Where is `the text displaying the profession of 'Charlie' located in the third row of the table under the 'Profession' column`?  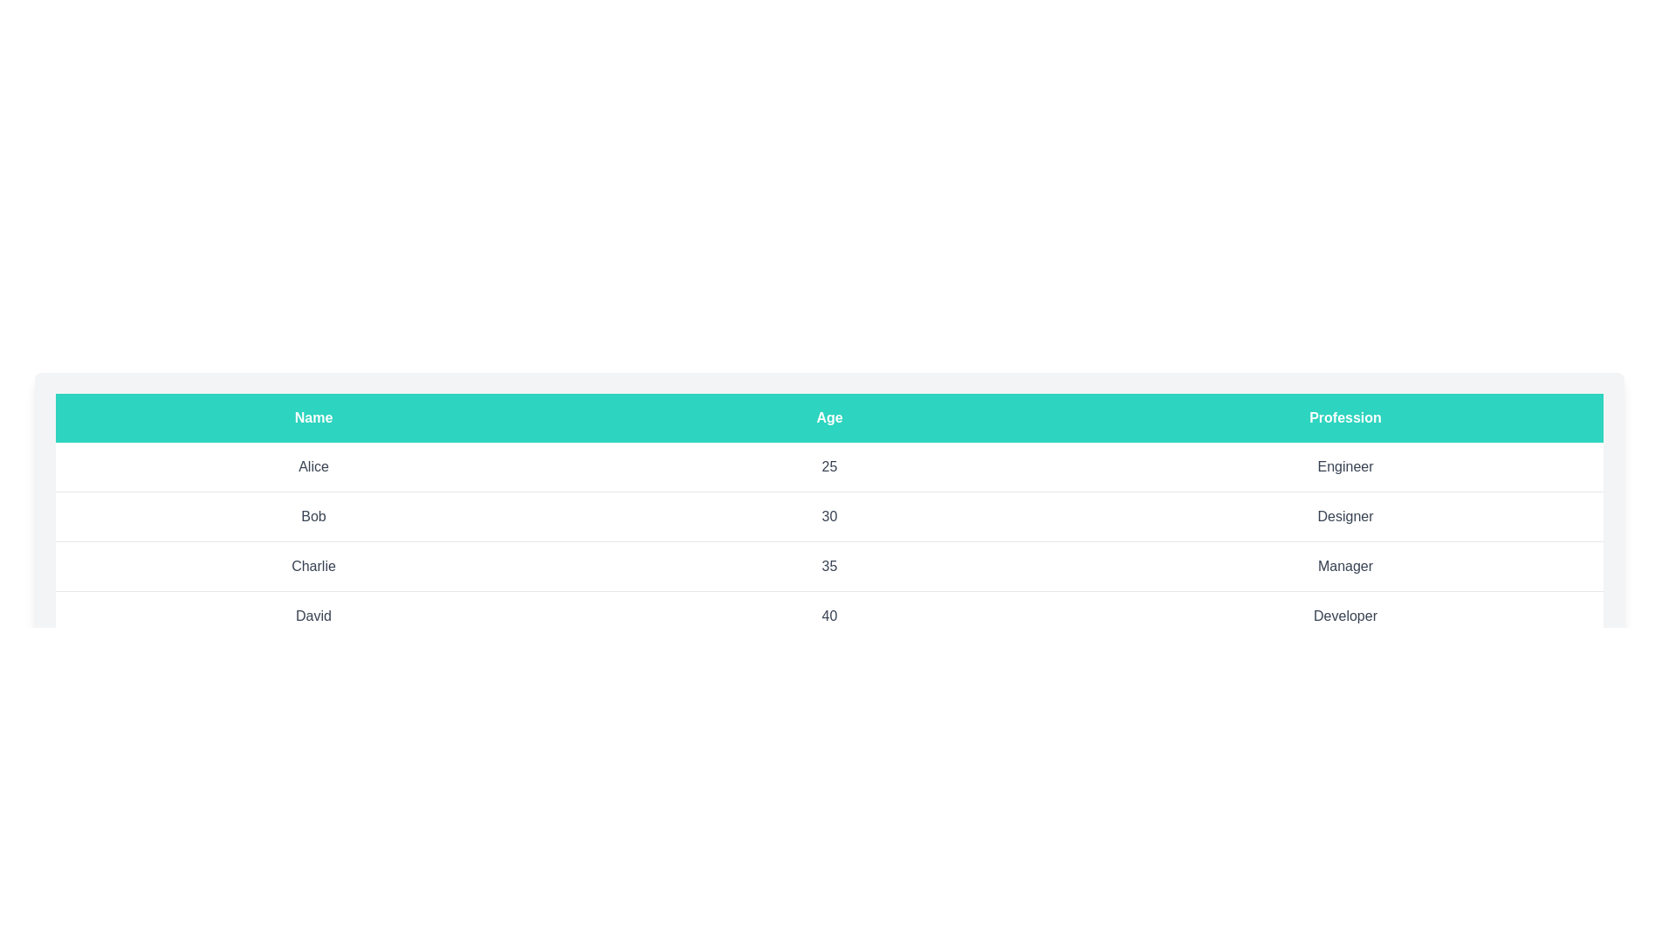 the text displaying the profession of 'Charlie' located in the third row of the table under the 'Profession' column is located at coordinates (1344, 566).